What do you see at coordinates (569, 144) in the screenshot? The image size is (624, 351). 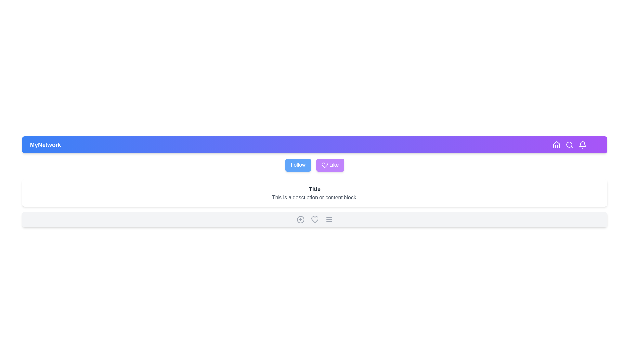 I see `the search icon by clicking on the circular lens portion of the magnifying glass located in the top-right navigation bar` at bounding box center [569, 144].